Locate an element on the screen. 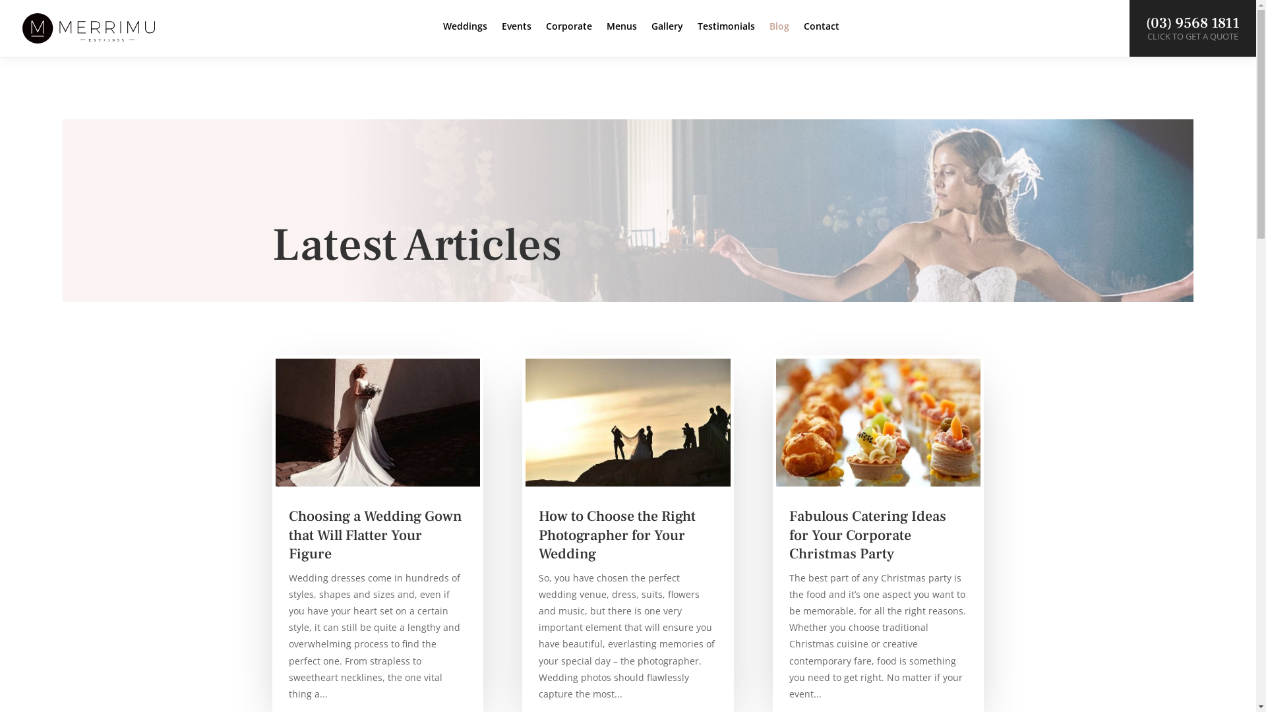 This screenshot has width=1266, height=712. 'Corporate' is located at coordinates (569, 36).